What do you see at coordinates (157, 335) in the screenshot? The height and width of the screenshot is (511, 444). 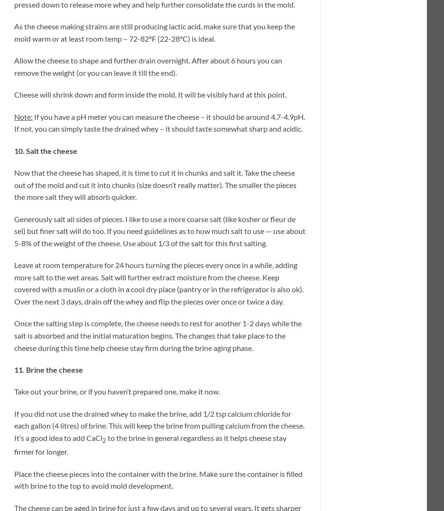 I see `'Once the salting step is complete, the cheese needs to rest for another 1-2 days while the salt is absorbed and the initial maturation begins. The changes that take place to the cheese during this time help cheese stay firm during the brine aging phase.'` at bounding box center [157, 335].